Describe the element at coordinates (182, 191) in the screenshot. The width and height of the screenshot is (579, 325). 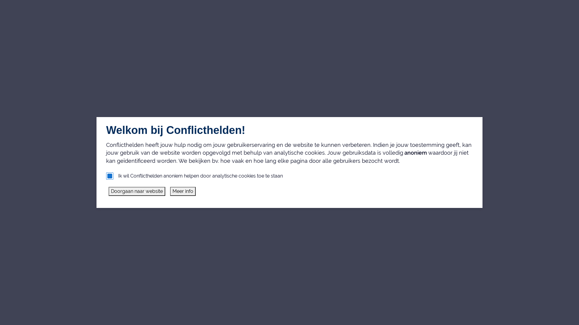
I see `'Meer info'` at that location.